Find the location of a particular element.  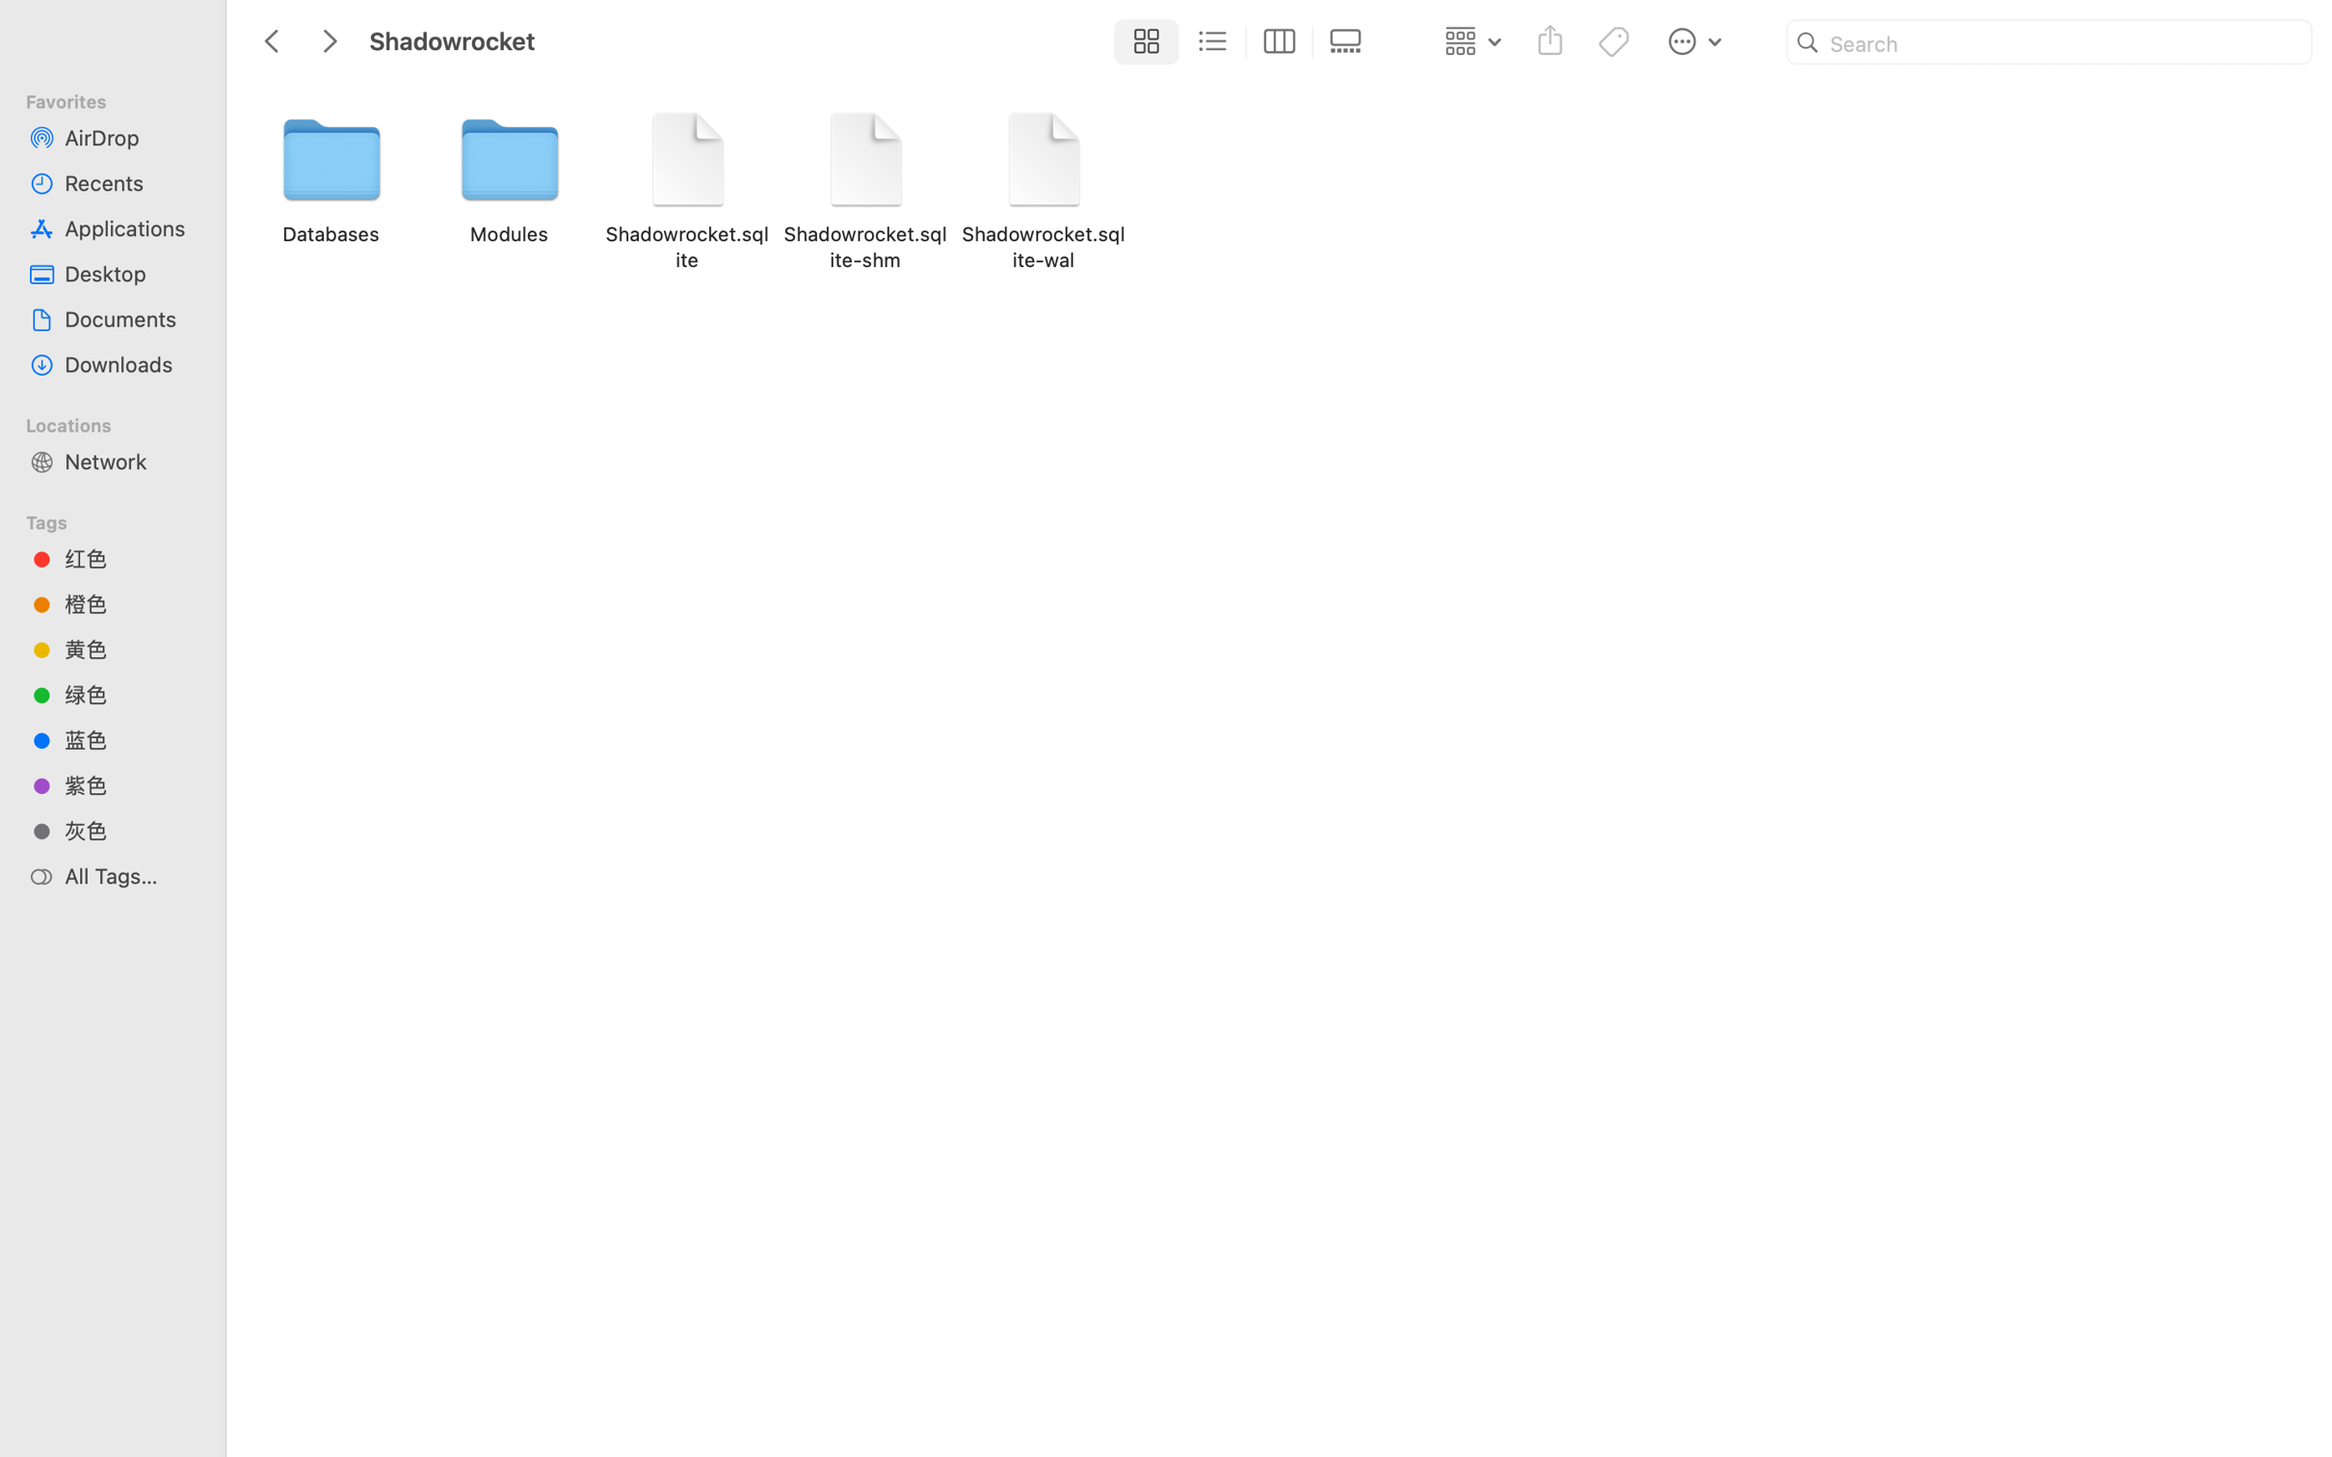

'<AXUIElement 0x11d99da00> {pid=510}' is located at coordinates (1245, 42).